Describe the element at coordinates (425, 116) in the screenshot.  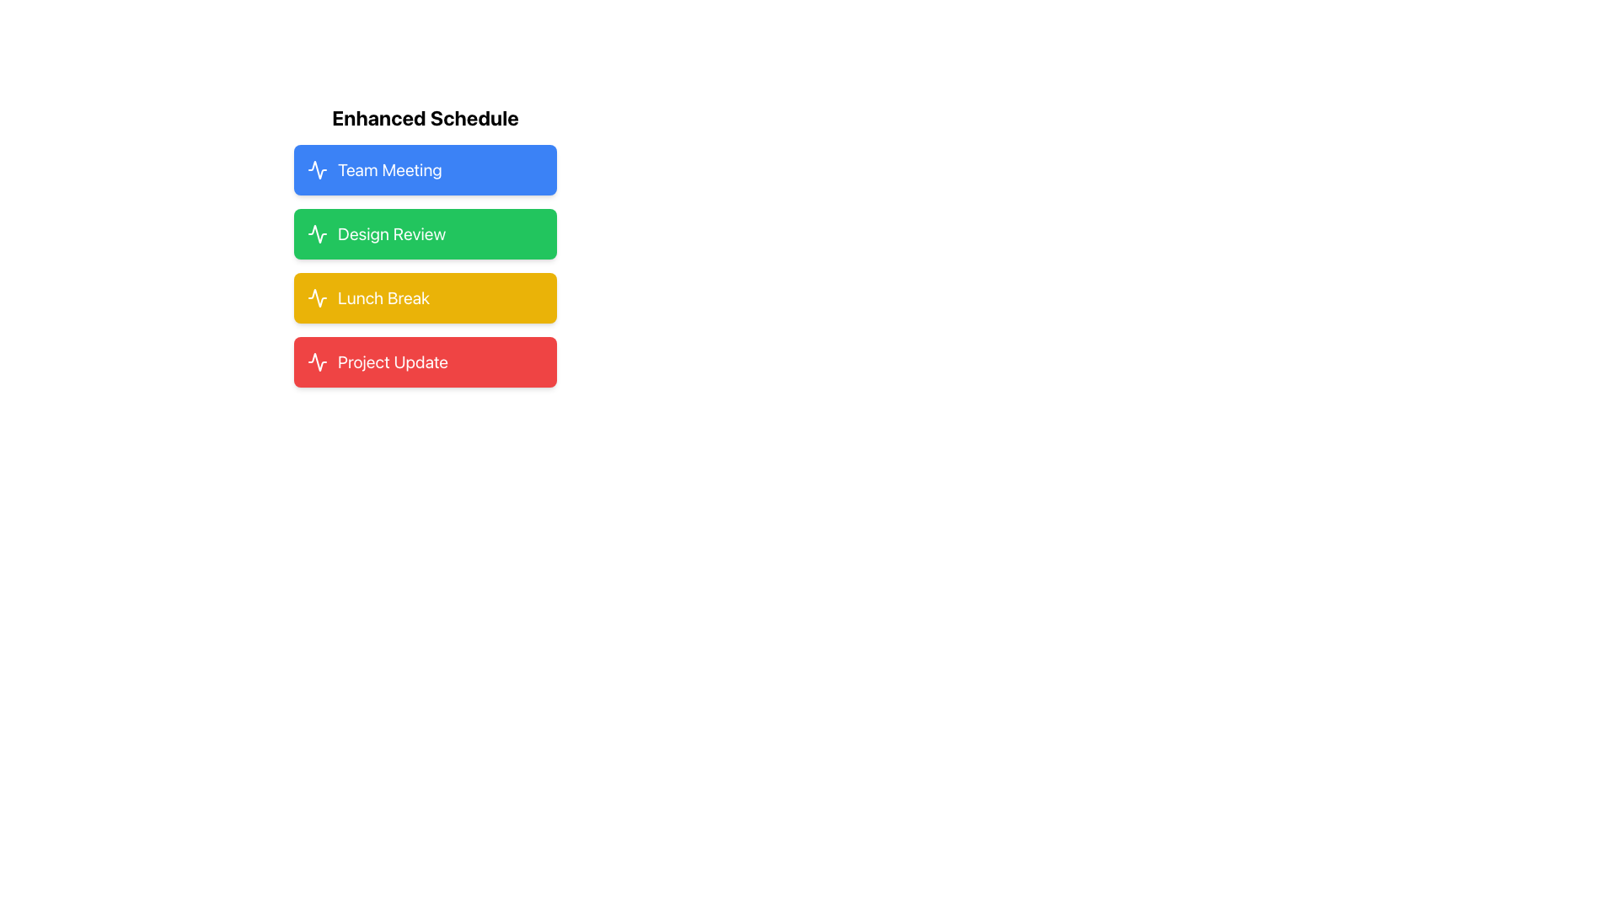
I see `the bold, large, black text reading 'Enhanced Schedule', which serves as a header for the list of items below it` at that location.